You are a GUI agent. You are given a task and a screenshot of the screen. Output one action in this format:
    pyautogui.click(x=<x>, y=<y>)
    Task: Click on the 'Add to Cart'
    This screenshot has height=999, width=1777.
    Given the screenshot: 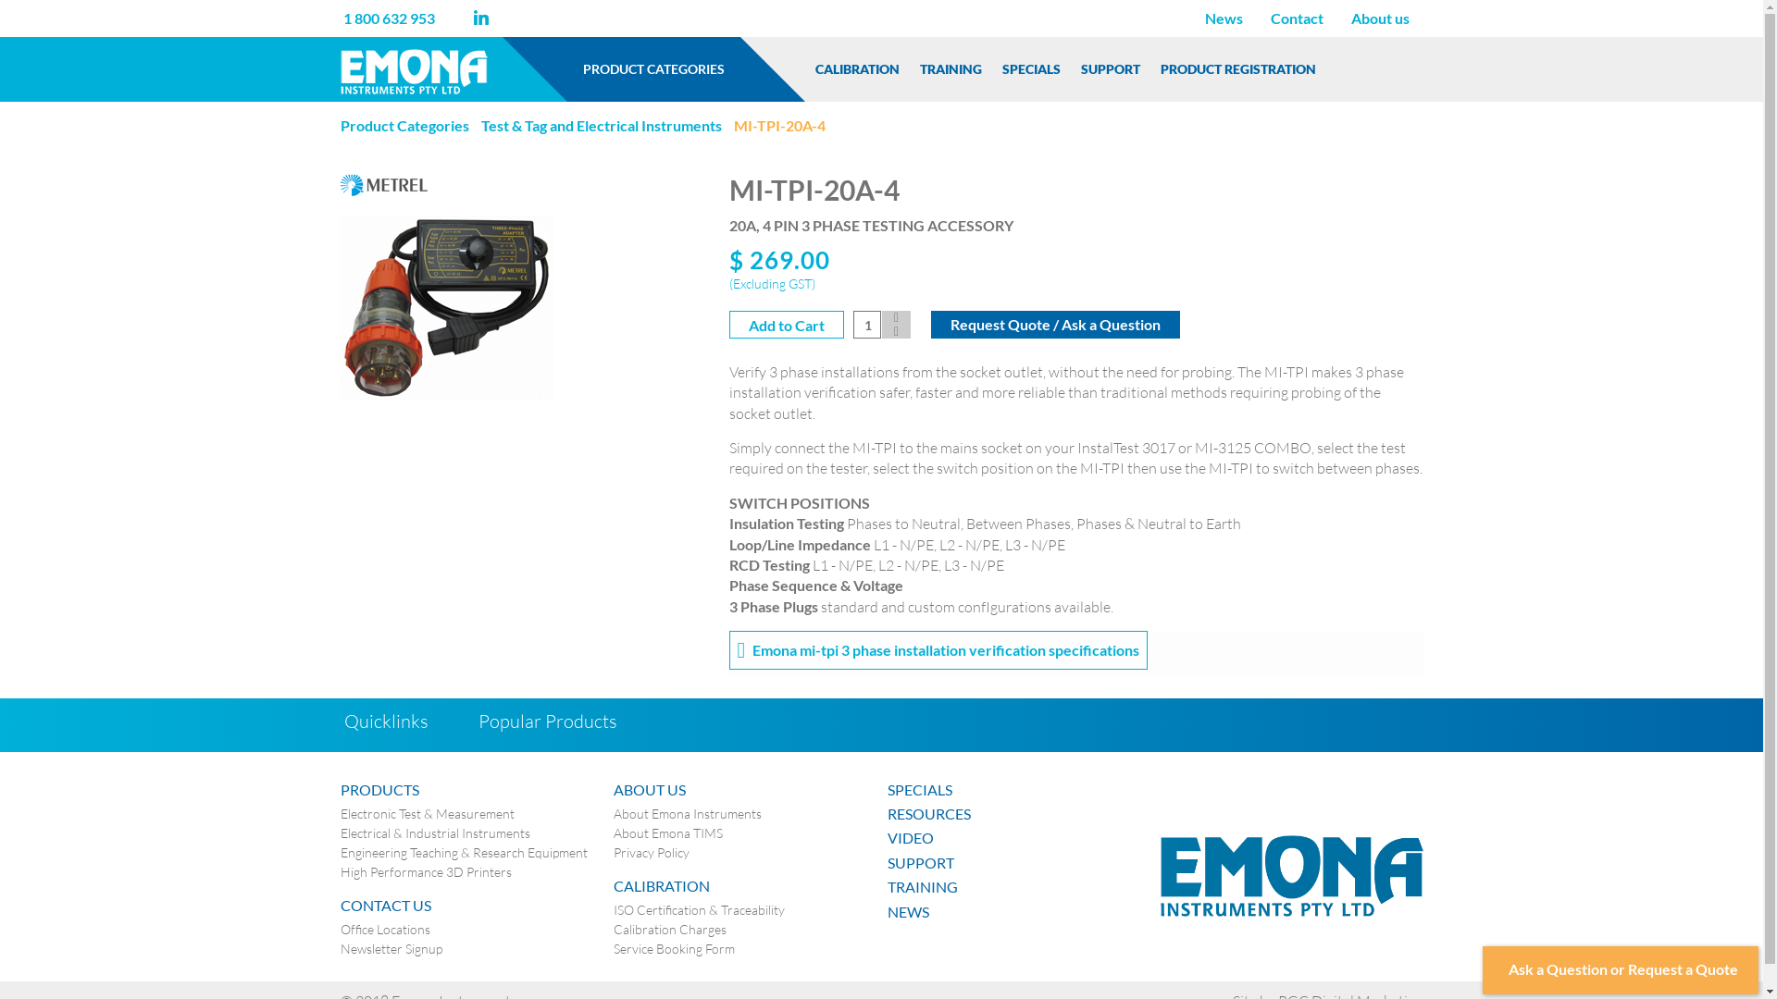 What is the action you would take?
    pyautogui.click(x=786, y=324)
    